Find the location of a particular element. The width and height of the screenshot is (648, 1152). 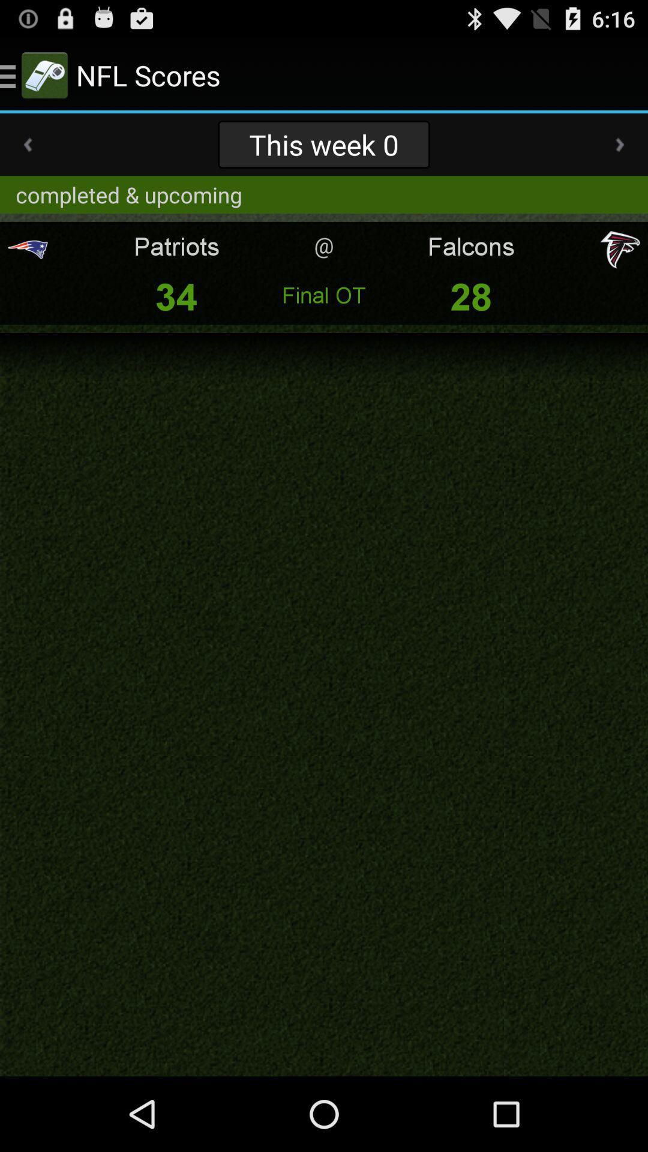

this week 0 app is located at coordinates (324, 144).